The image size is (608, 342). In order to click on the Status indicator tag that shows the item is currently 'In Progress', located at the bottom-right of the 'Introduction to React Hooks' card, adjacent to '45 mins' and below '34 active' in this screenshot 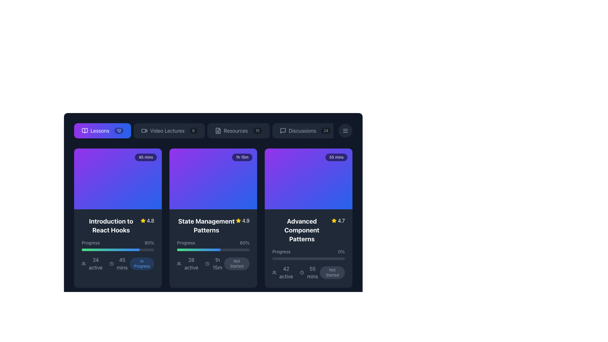, I will do `click(142, 264)`.